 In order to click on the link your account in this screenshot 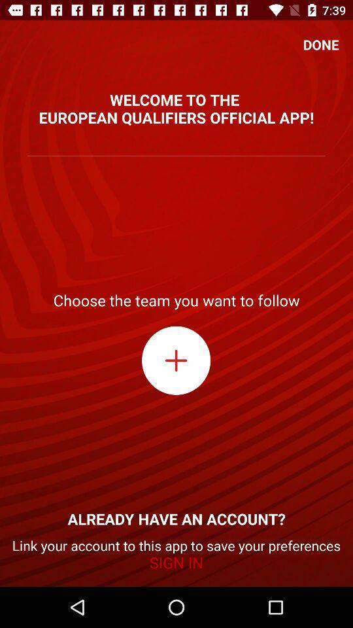, I will do `click(176, 553)`.